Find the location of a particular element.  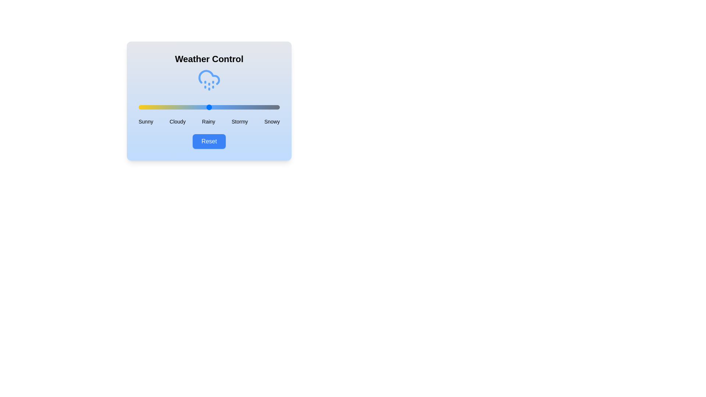

the weather condition label Cloudy to select it is located at coordinates (178, 121).